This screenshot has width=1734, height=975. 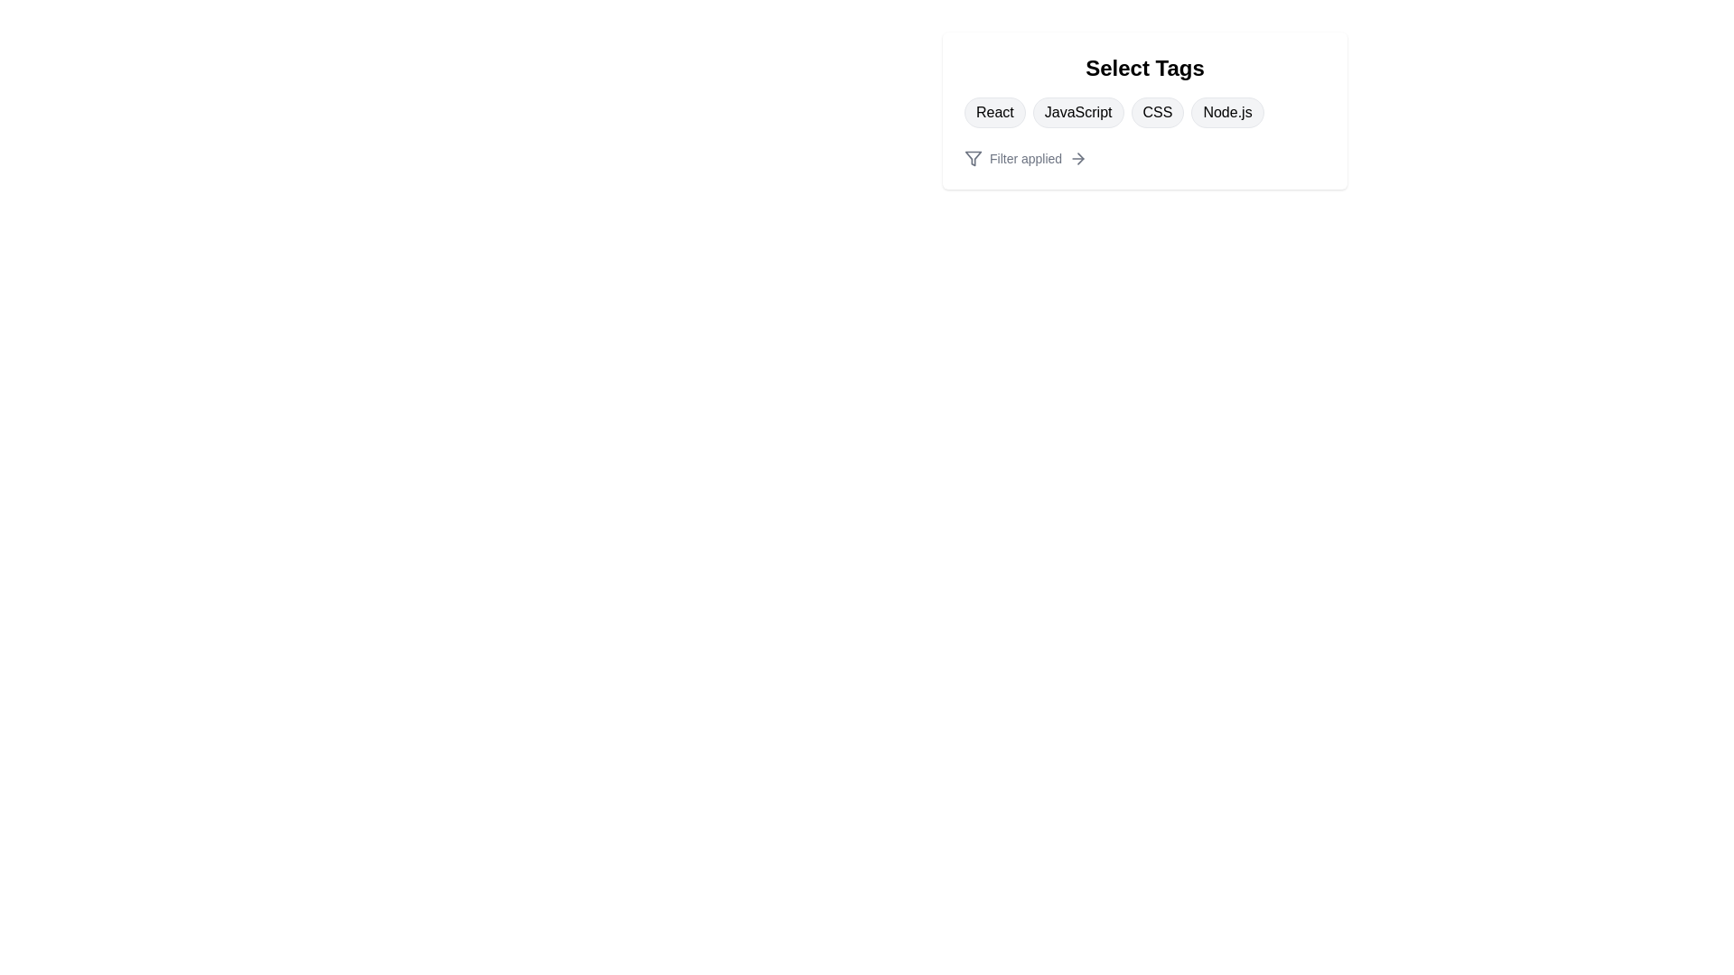 What do you see at coordinates (973, 158) in the screenshot?
I see `the filter applied icon located at the leftmost part of the 'Filter applied' section in the bottom-right of the main interface` at bounding box center [973, 158].